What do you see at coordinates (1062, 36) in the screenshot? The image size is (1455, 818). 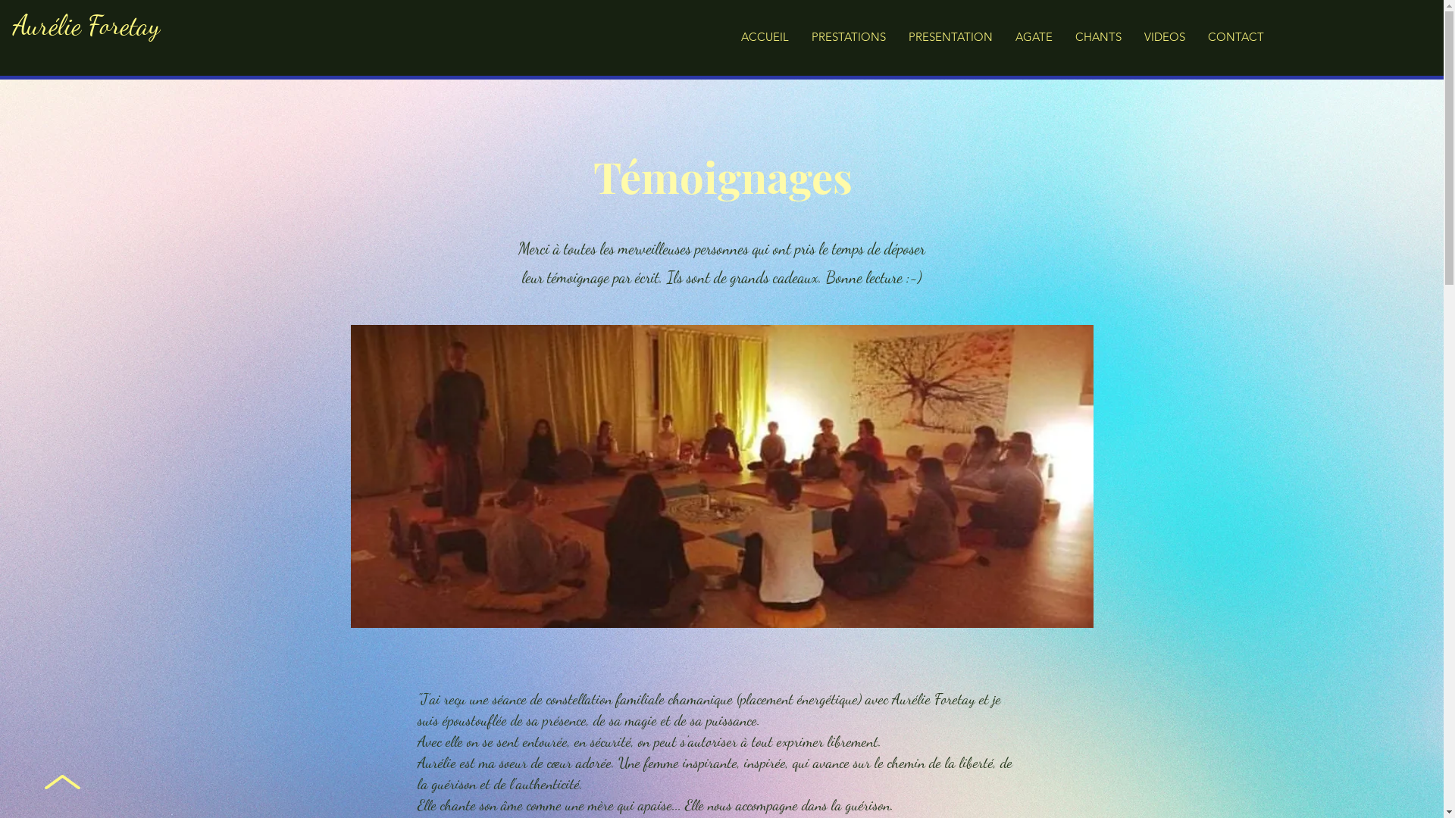 I see `'CHANTS'` at bounding box center [1062, 36].